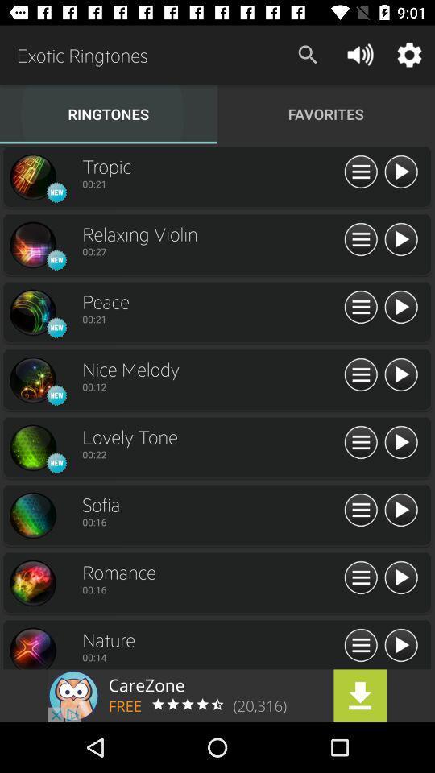 The height and width of the screenshot is (773, 435). What do you see at coordinates (361, 510) in the screenshot?
I see `options` at bounding box center [361, 510].